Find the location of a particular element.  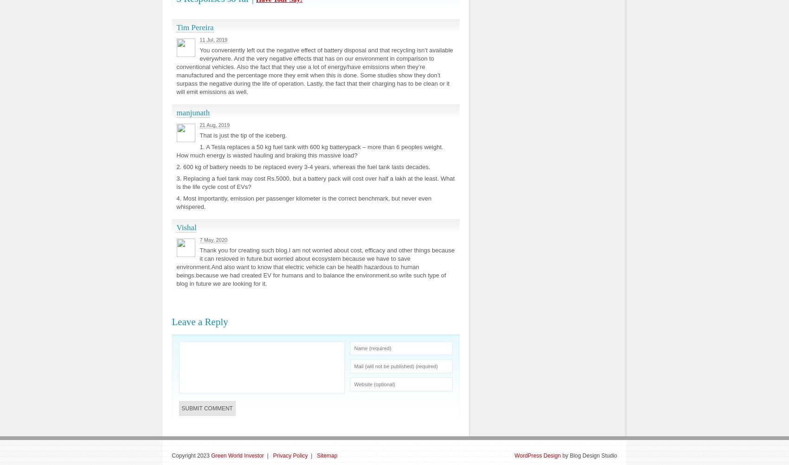

'Thank you for creating such blog.I am not worried about cost, efficacy and other things because it can resloved in future.but worried about ecosystem because we have to save environment.And also want to know that electric vehicle can be health hazardous to human beings.because we had created EV for humans and to balance the environment.so write such type of blog in future we are looking for it.' is located at coordinates (176, 267).